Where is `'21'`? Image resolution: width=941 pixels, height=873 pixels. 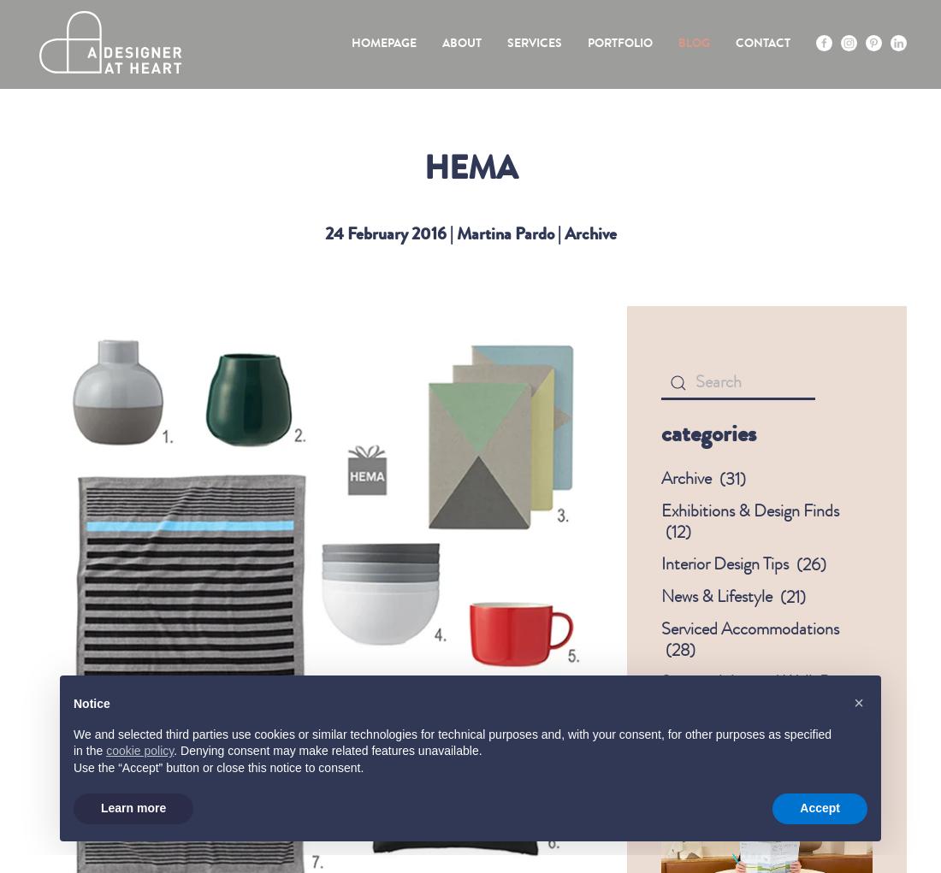
'21' is located at coordinates (786, 596).